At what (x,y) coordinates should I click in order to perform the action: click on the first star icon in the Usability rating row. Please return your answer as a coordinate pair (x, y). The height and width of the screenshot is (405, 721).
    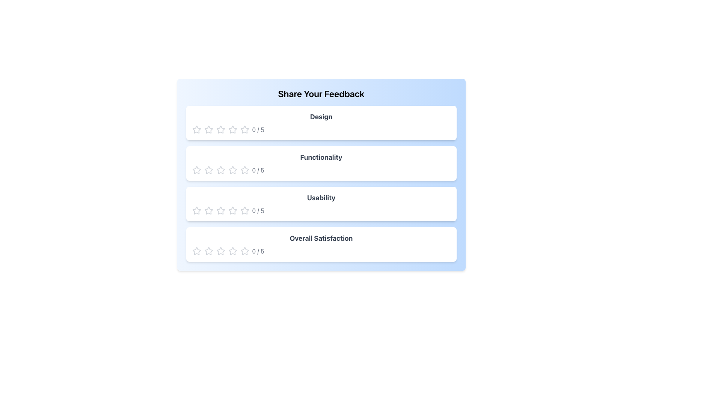
    Looking at the image, I should click on (208, 210).